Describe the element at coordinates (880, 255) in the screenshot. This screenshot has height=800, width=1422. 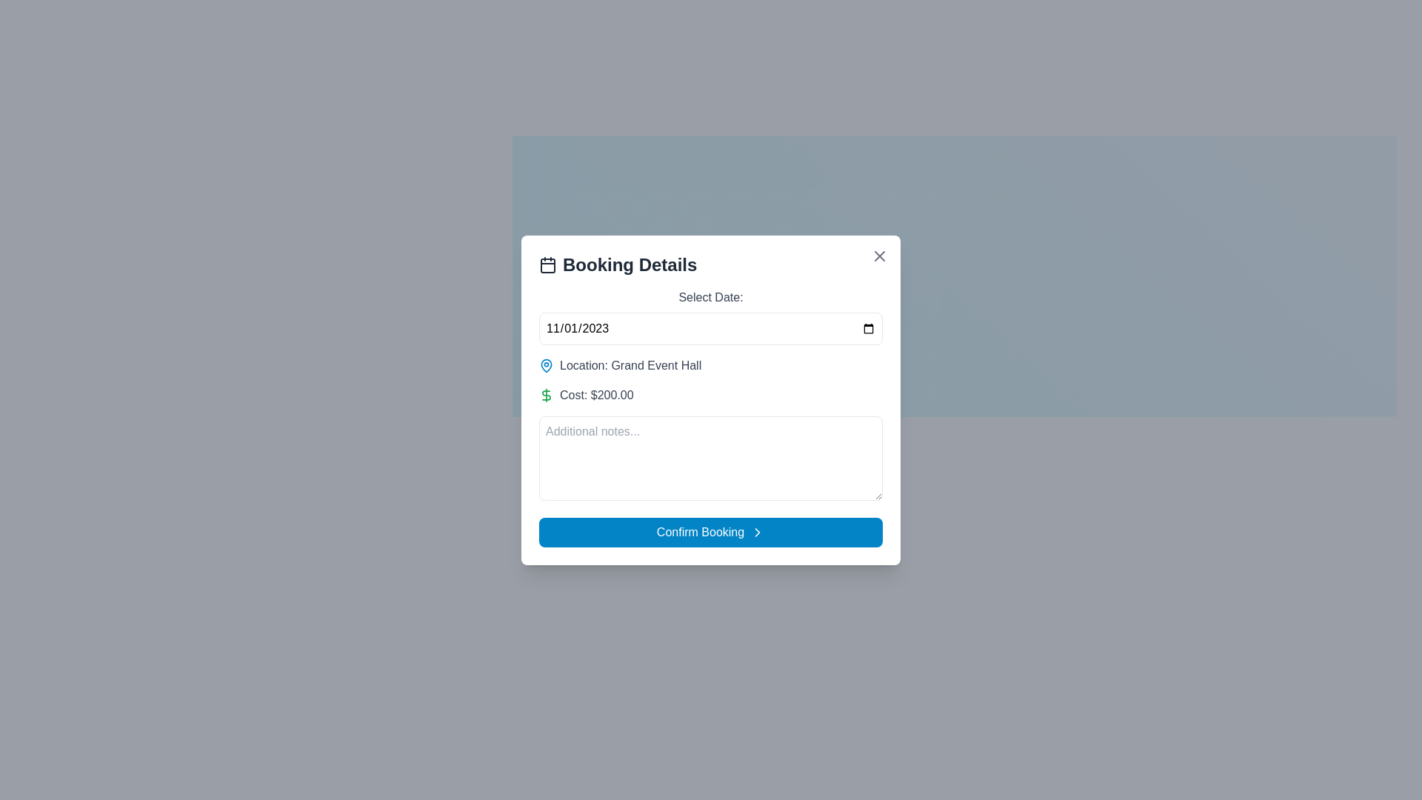
I see `the close button depicted by a gray 'X' icon located at the top-right corner of the modal window` at that location.